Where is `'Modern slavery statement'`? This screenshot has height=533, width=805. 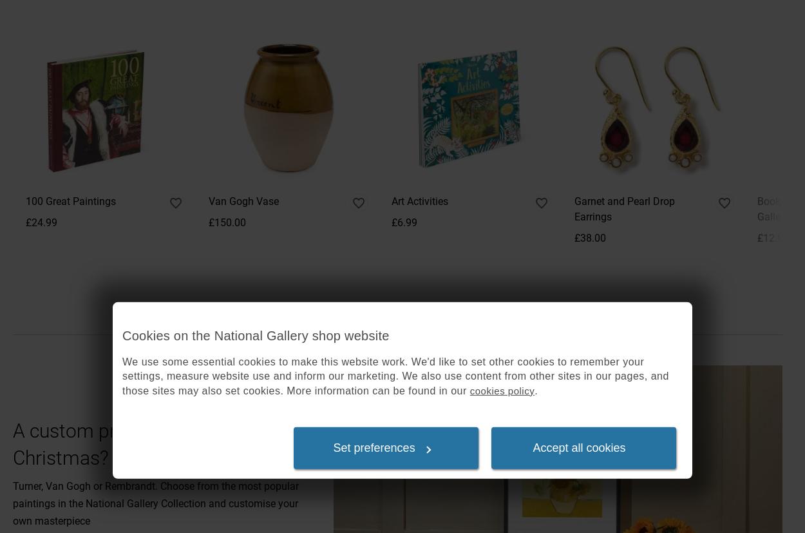
'Modern slavery statement' is located at coordinates (569, 215).